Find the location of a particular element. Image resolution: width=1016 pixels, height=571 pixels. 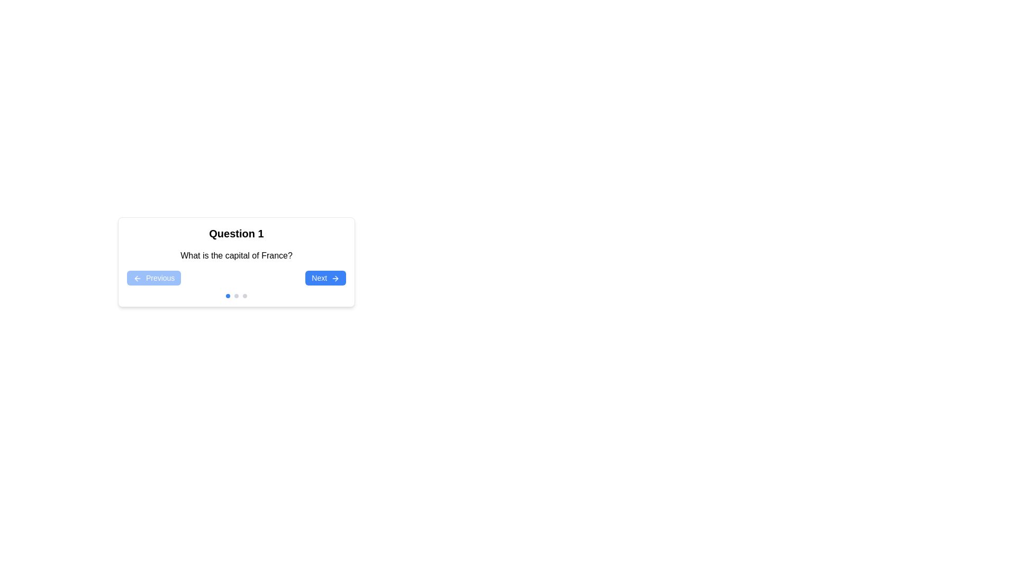

the navigation button located on the left side of the 'Next' button is located at coordinates (153, 277).